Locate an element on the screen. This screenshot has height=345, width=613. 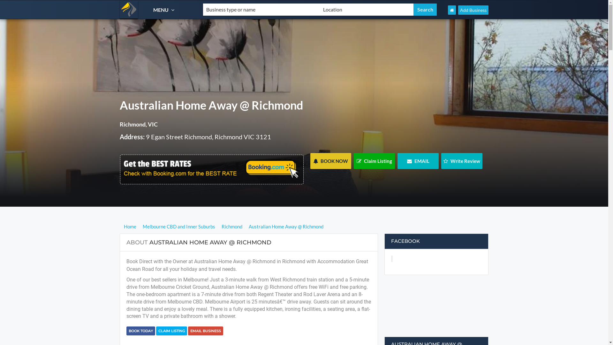
'Australian Home Away @ Richmond' is located at coordinates (286, 226).